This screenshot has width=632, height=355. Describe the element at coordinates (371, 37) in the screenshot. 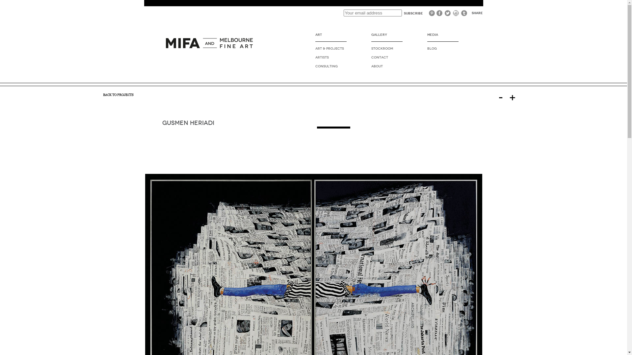

I see `'GALLERY'` at that location.